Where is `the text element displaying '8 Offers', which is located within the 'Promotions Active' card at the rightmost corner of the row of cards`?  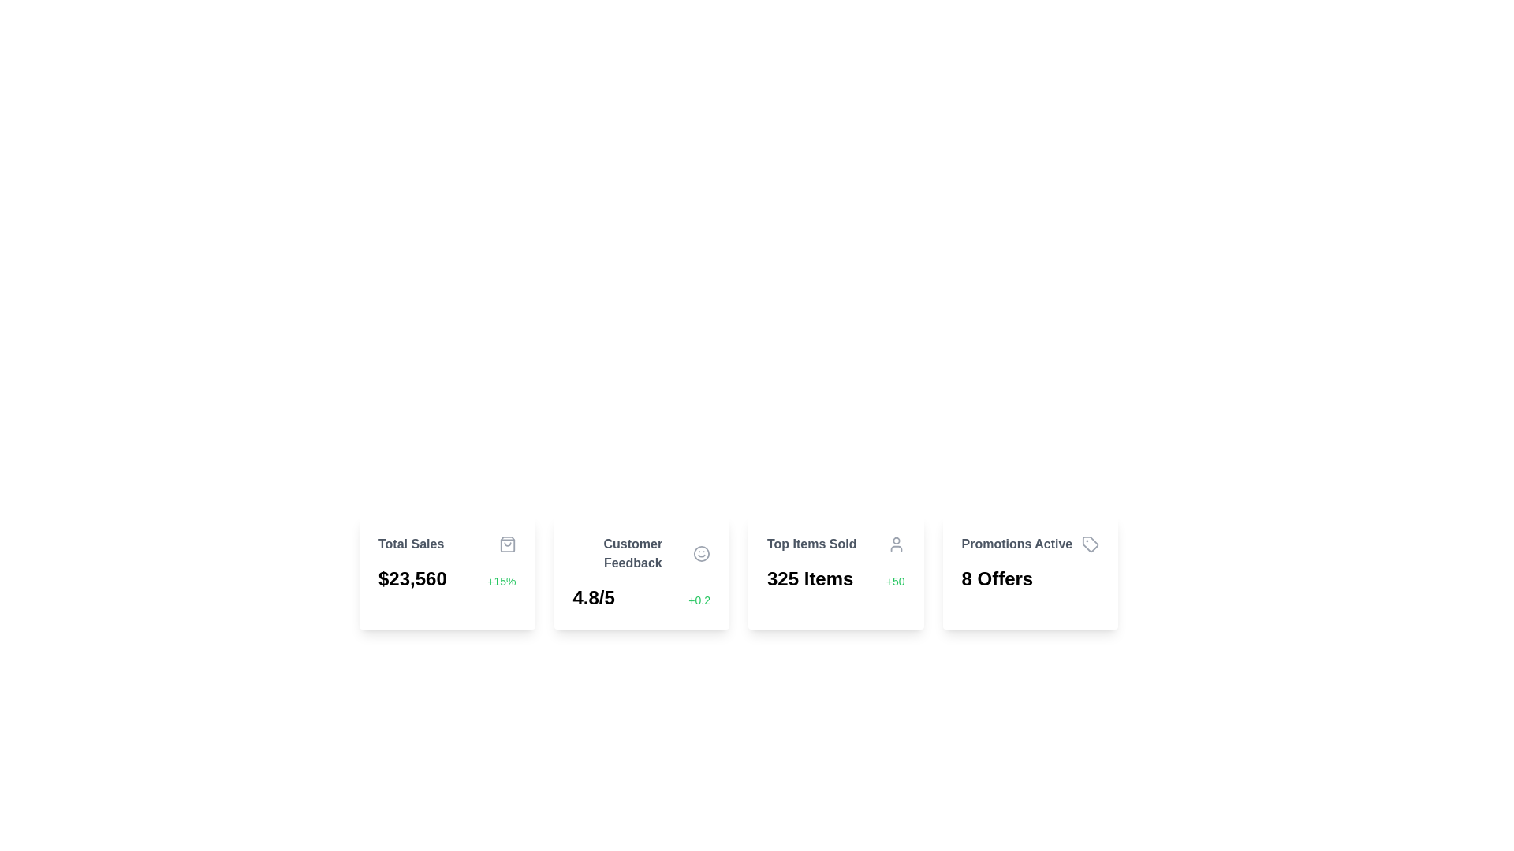
the text element displaying '8 Offers', which is located within the 'Promotions Active' card at the rightmost corner of the row of cards is located at coordinates (996, 579).